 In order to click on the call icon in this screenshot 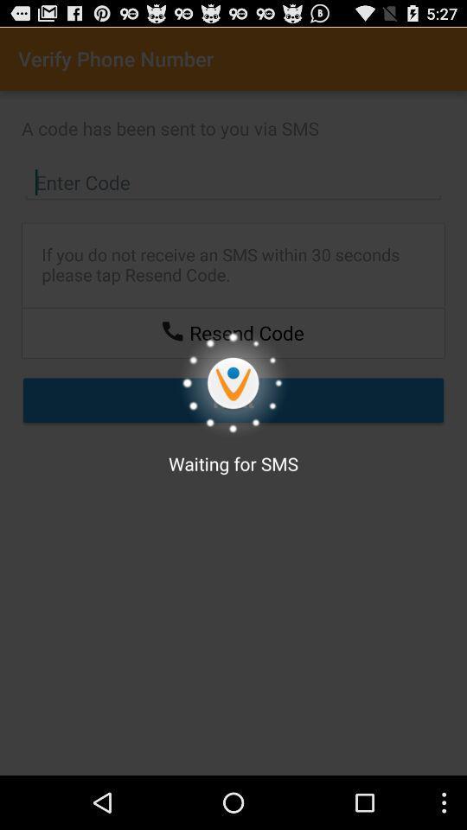, I will do `click(172, 352)`.